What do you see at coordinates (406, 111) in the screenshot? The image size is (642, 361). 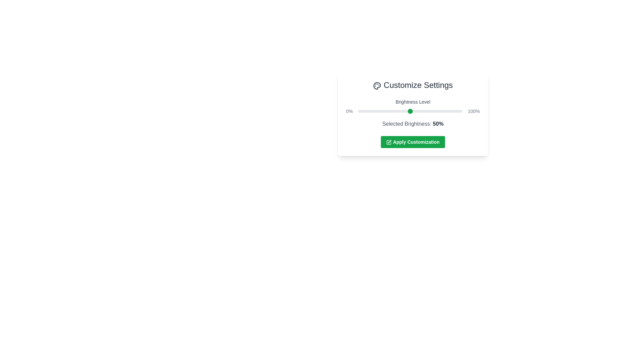 I see `the brightness` at bounding box center [406, 111].